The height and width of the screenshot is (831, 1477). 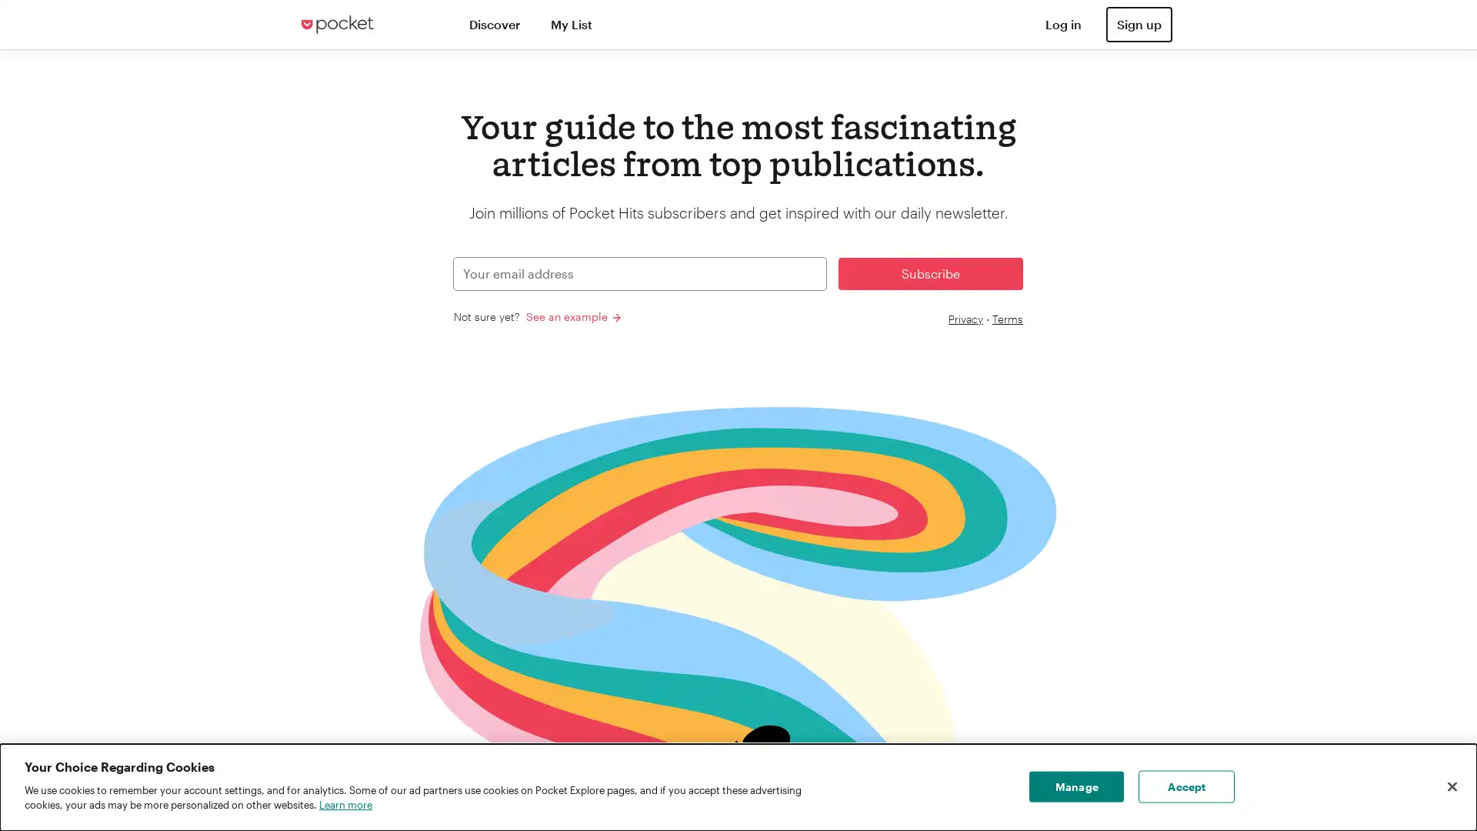 I want to click on Manage, so click(x=1075, y=786).